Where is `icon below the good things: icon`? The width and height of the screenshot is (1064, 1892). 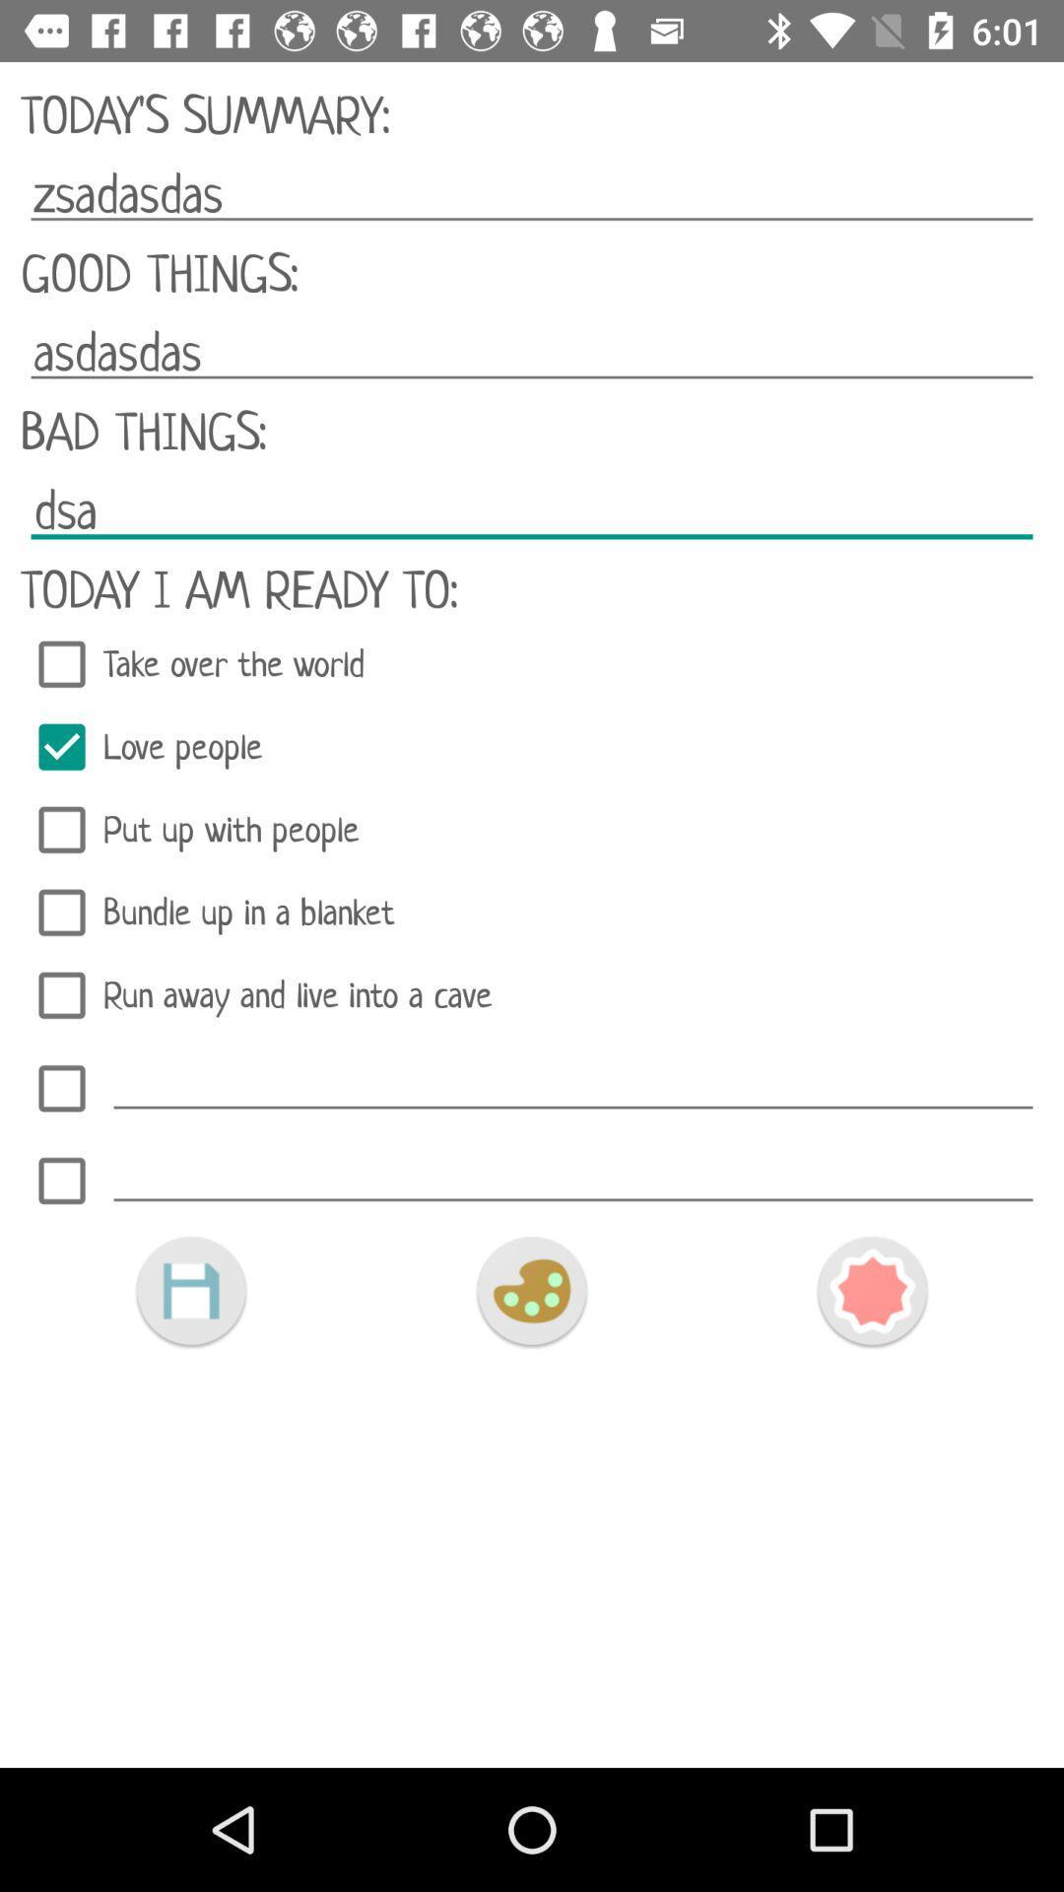 icon below the good things: icon is located at coordinates (532, 353).